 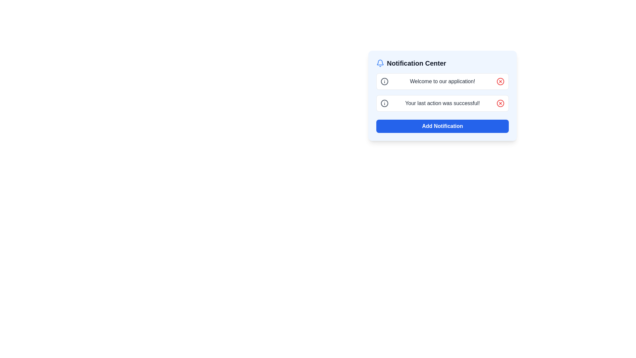 I want to click on the text label providing feedback to the user about the successful completion of their previous action, located within the second notification panel, below the 'Welcome to our application!' text, so click(x=442, y=103).